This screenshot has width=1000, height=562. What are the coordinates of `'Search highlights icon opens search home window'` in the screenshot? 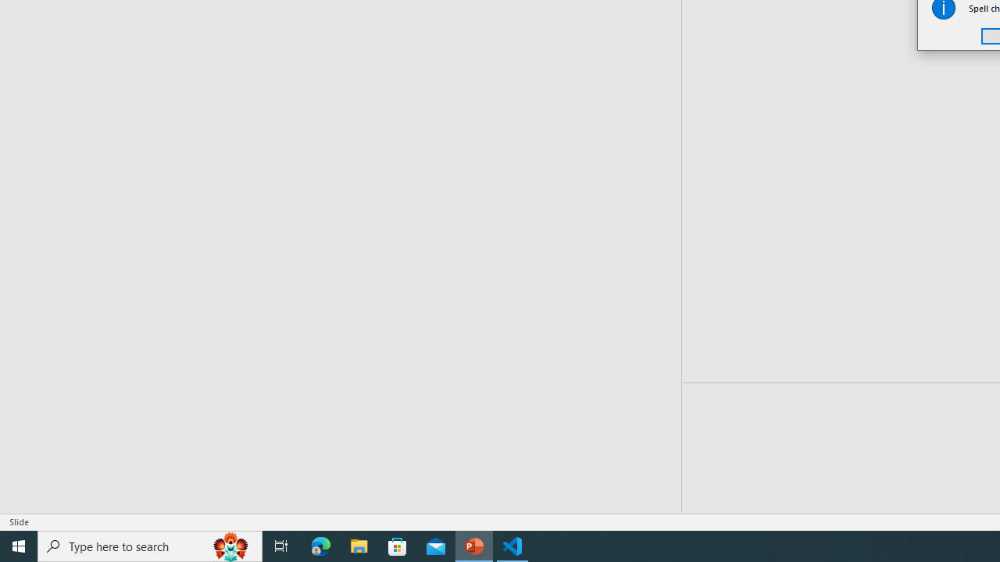 It's located at (230, 545).